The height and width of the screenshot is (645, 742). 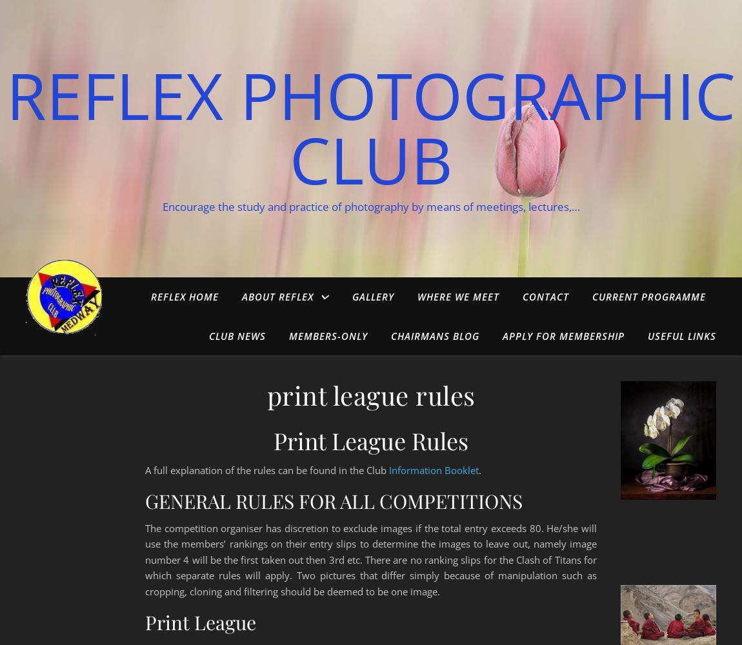 What do you see at coordinates (266, 394) in the screenshot?
I see `'print league rules'` at bounding box center [266, 394].